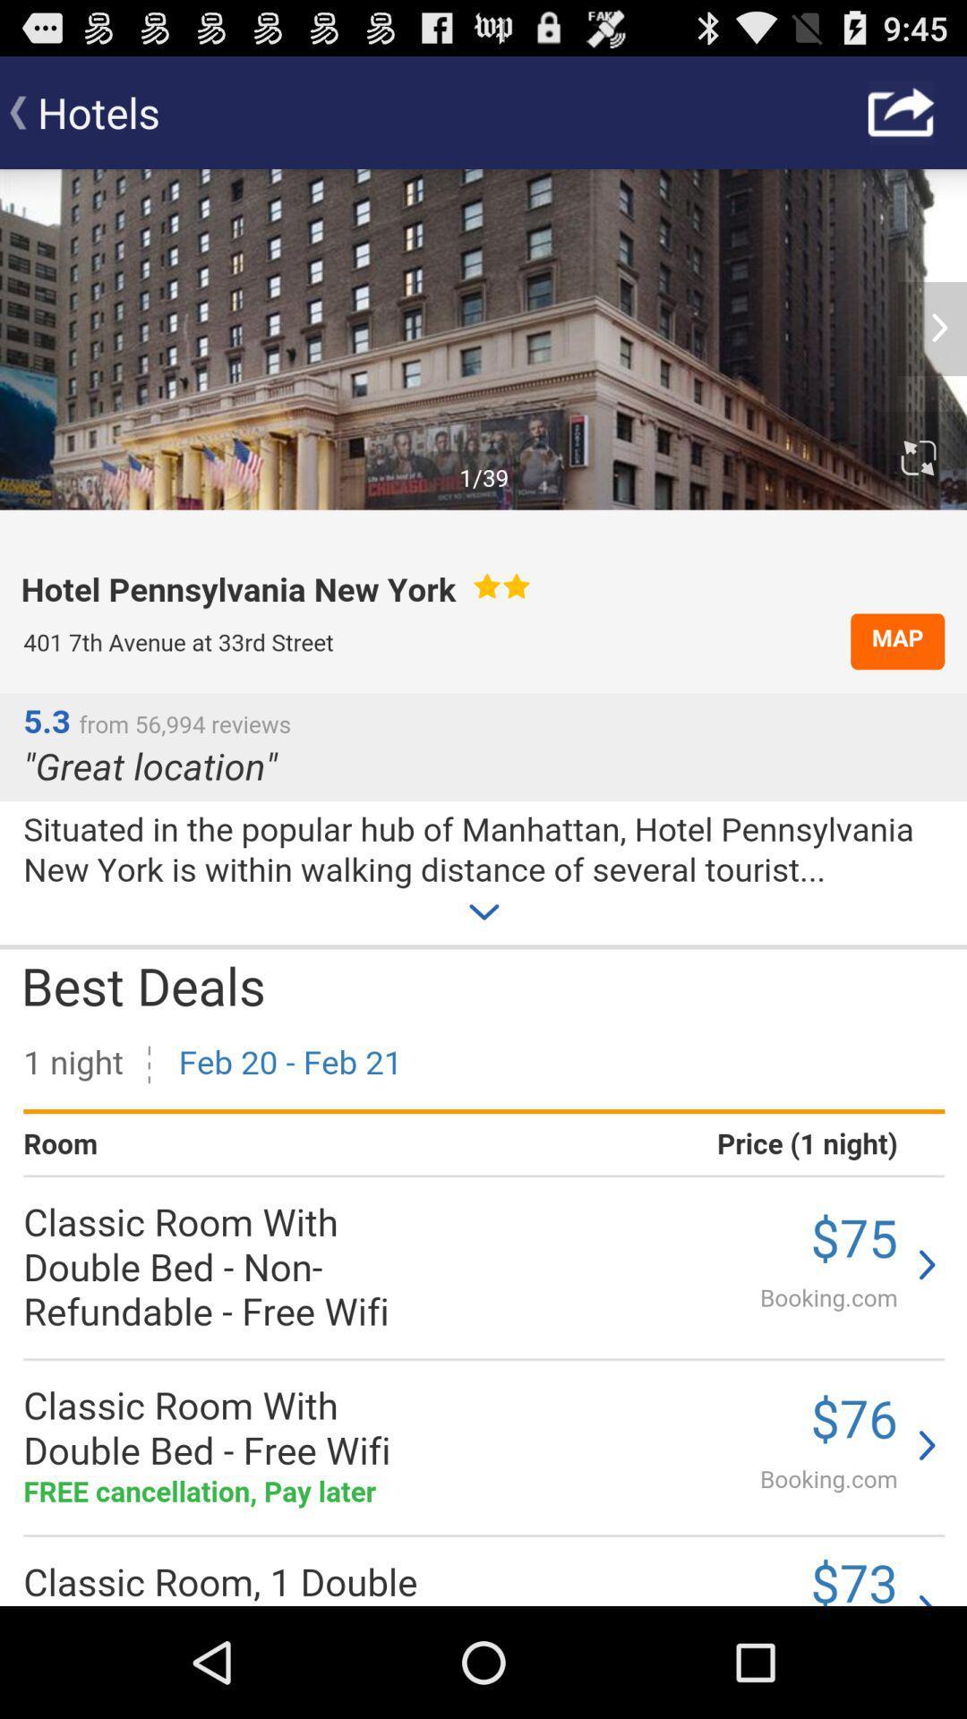 Image resolution: width=967 pixels, height=1719 pixels. I want to click on scroll through deals, so click(483, 887).